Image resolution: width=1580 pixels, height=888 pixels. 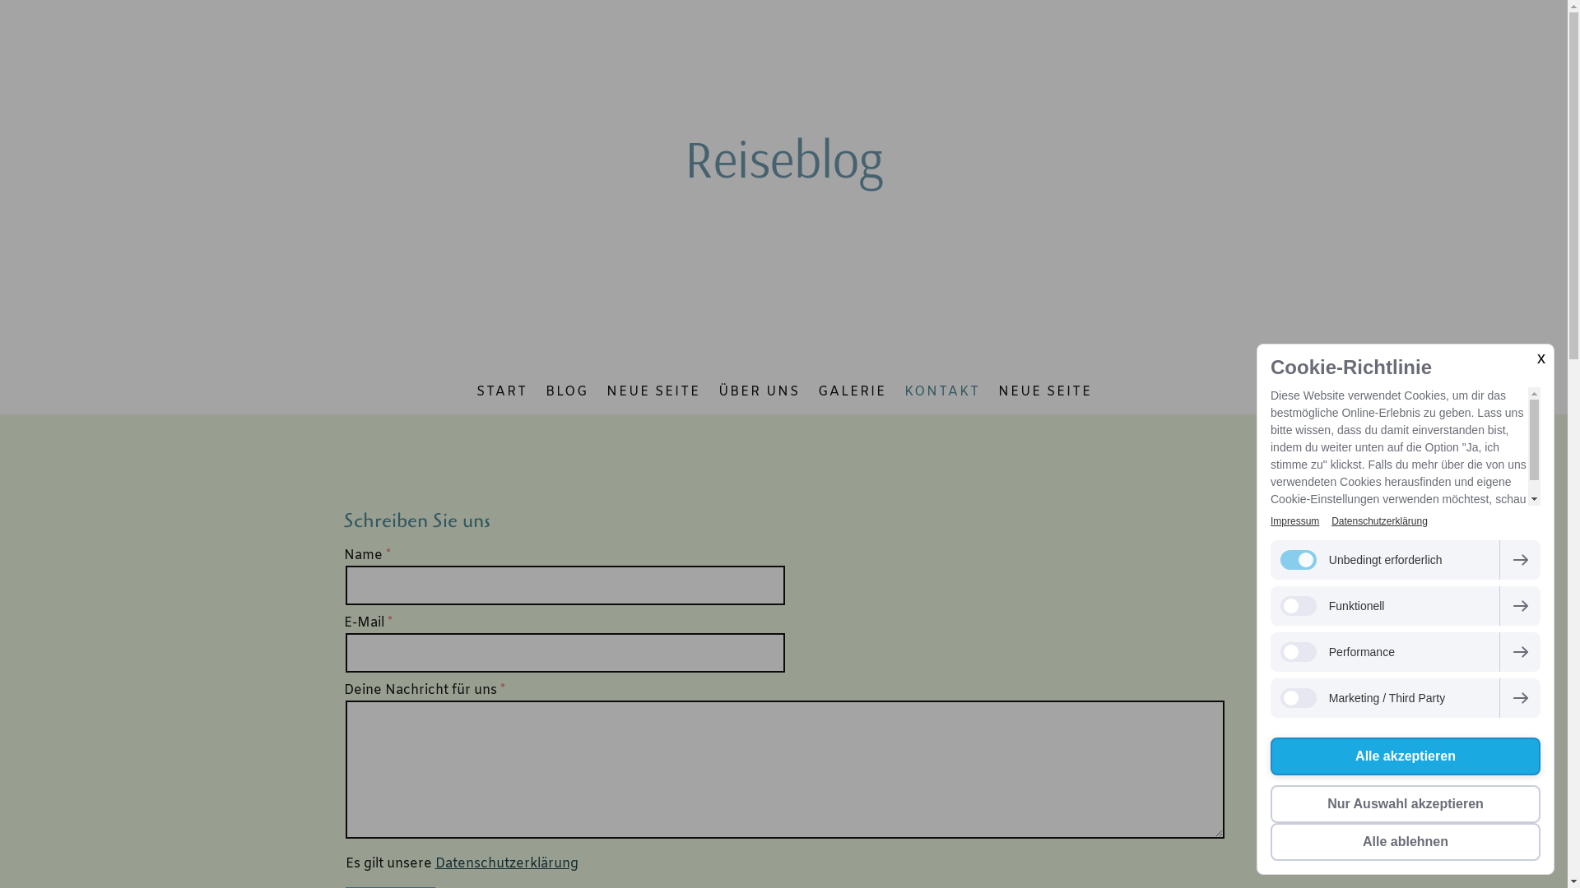 What do you see at coordinates (1405, 841) in the screenshot?
I see `'Alle ablehnen'` at bounding box center [1405, 841].